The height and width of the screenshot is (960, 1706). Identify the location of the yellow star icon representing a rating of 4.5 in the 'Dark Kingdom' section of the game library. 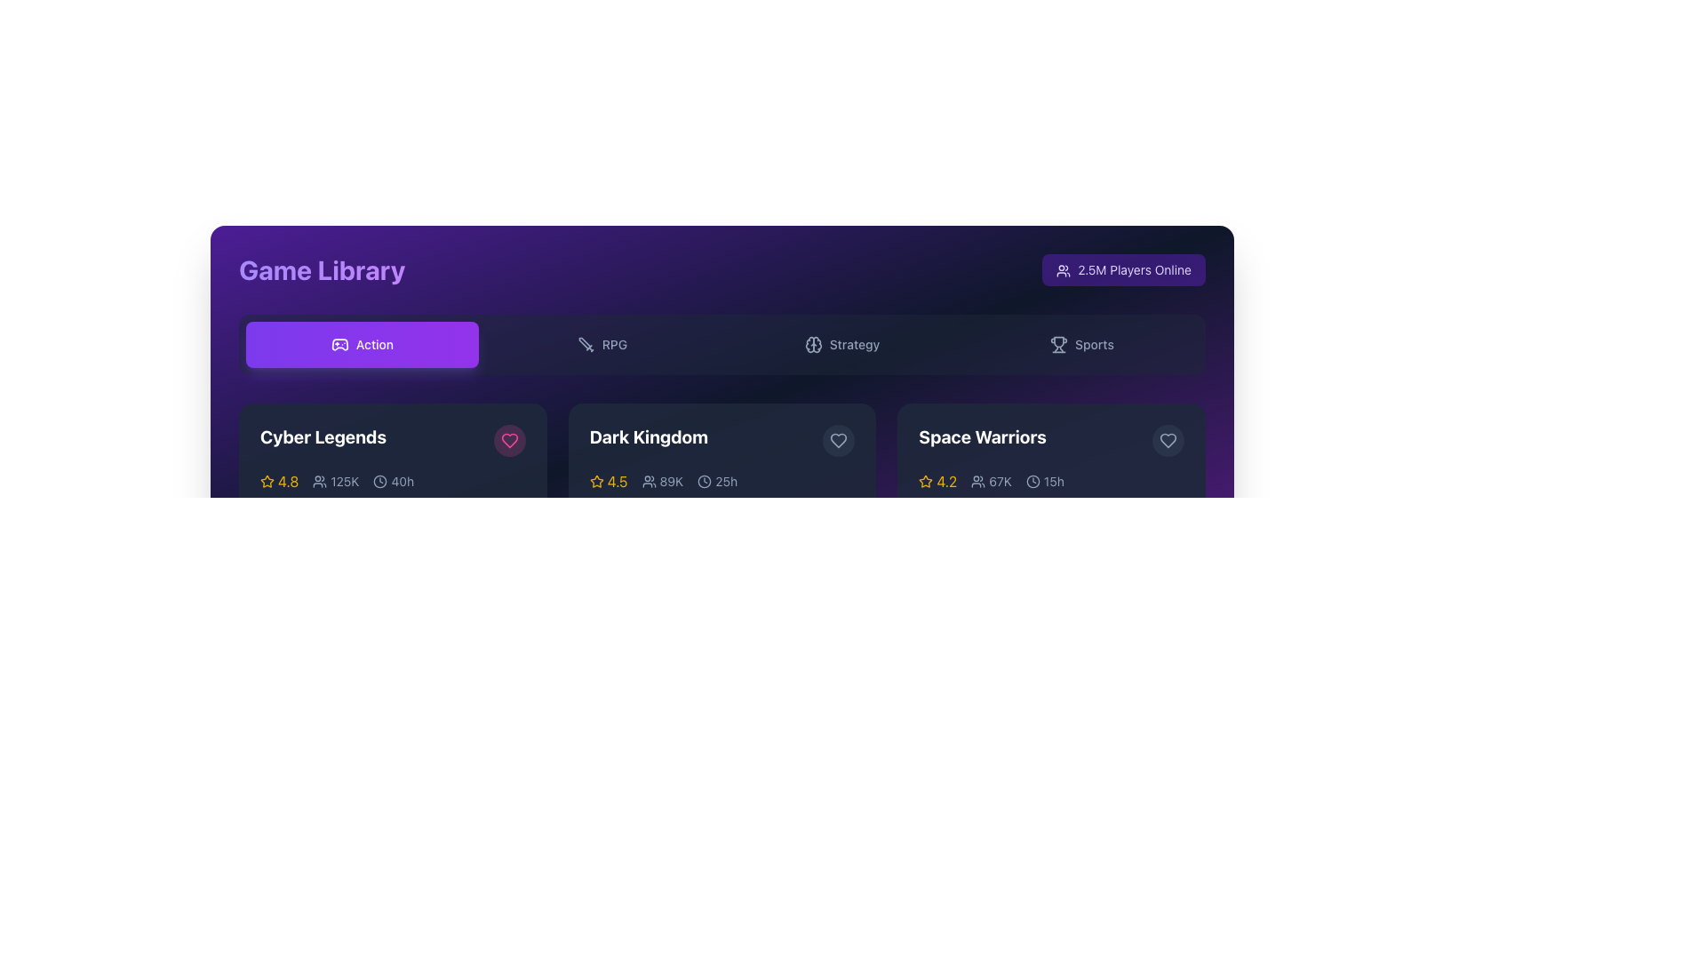
(596, 482).